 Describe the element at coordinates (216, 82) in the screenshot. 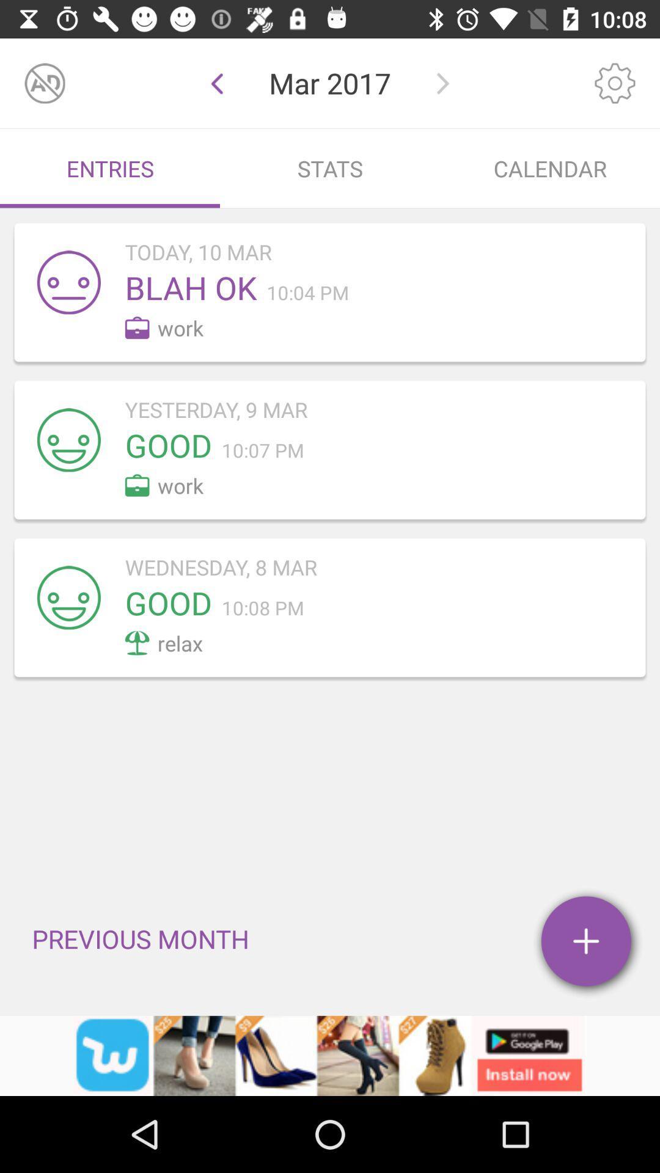

I see `the arrow_backward icon` at that location.